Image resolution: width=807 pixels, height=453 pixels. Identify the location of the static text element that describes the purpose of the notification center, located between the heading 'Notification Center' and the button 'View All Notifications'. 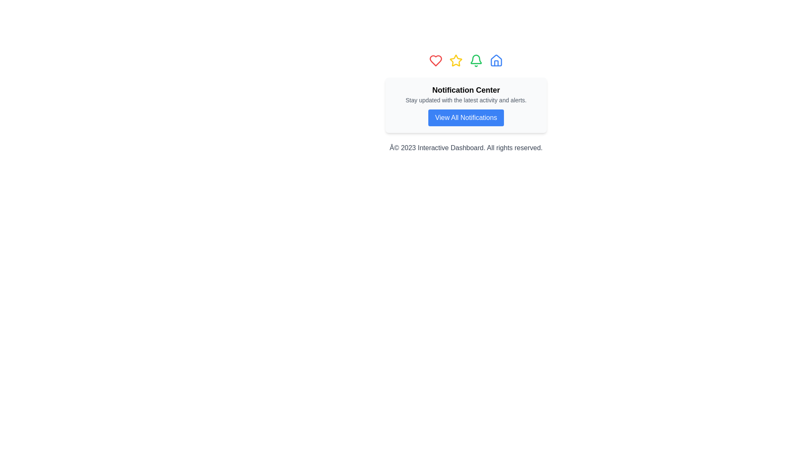
(465, 100).